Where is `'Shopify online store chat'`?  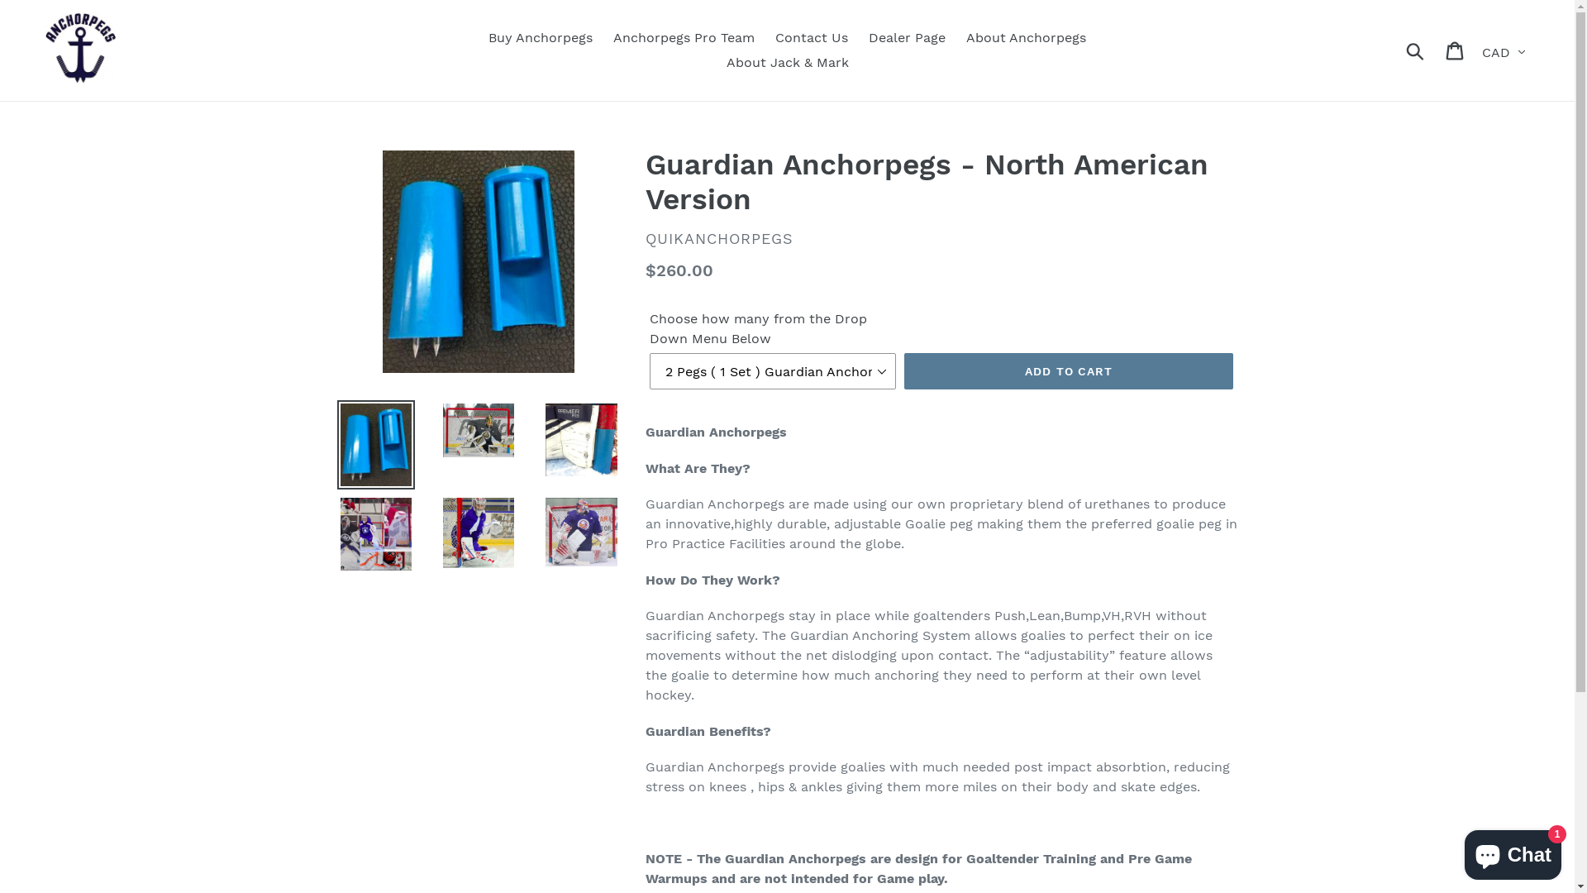 'Shopify online store chat' is located at coordinates (1513, 851).